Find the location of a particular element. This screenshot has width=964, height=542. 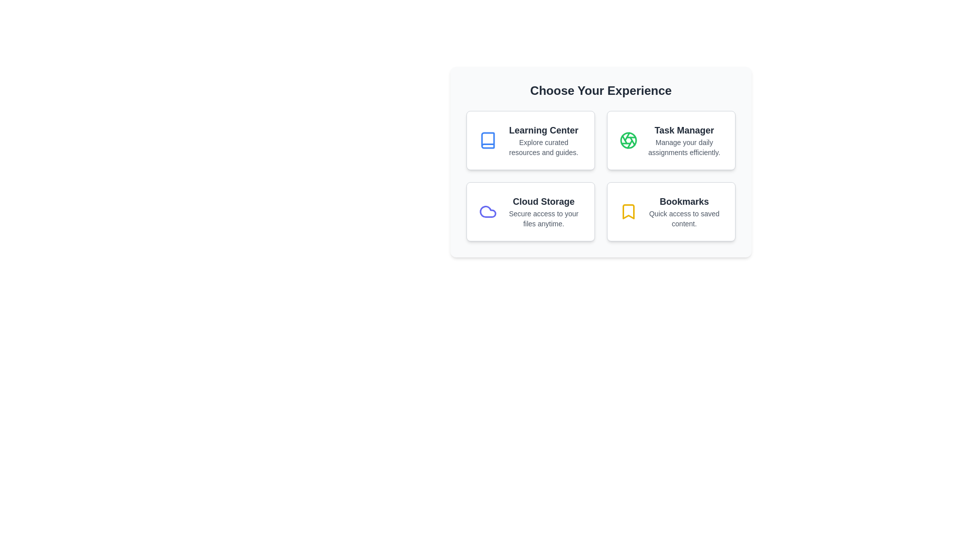

the fifth line segment of a geometric design, which is styled with a green stroke and is part of a circular icon is located at coordinates (624, 140).